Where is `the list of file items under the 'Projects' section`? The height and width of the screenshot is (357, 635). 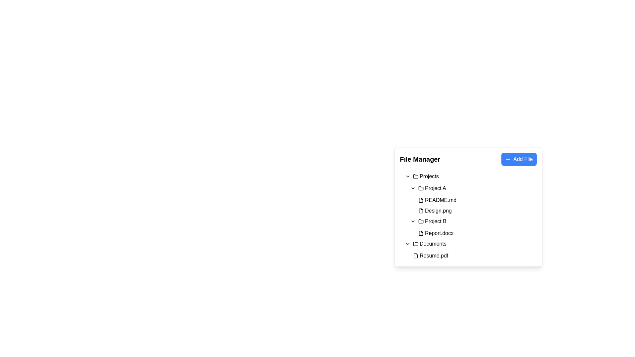
the list of file items under the 'Projects' section is located at coordinates (468, 205).